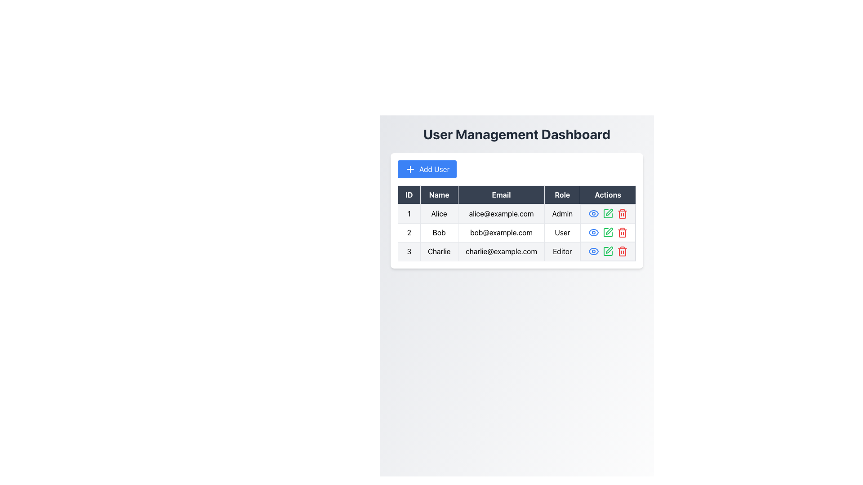 The image size is (863, 485). I want to click on a row in the user management table, which includes columns for 'ID', 'Name', 'Email', 'Role', and 'Actions', so click(517, 223).